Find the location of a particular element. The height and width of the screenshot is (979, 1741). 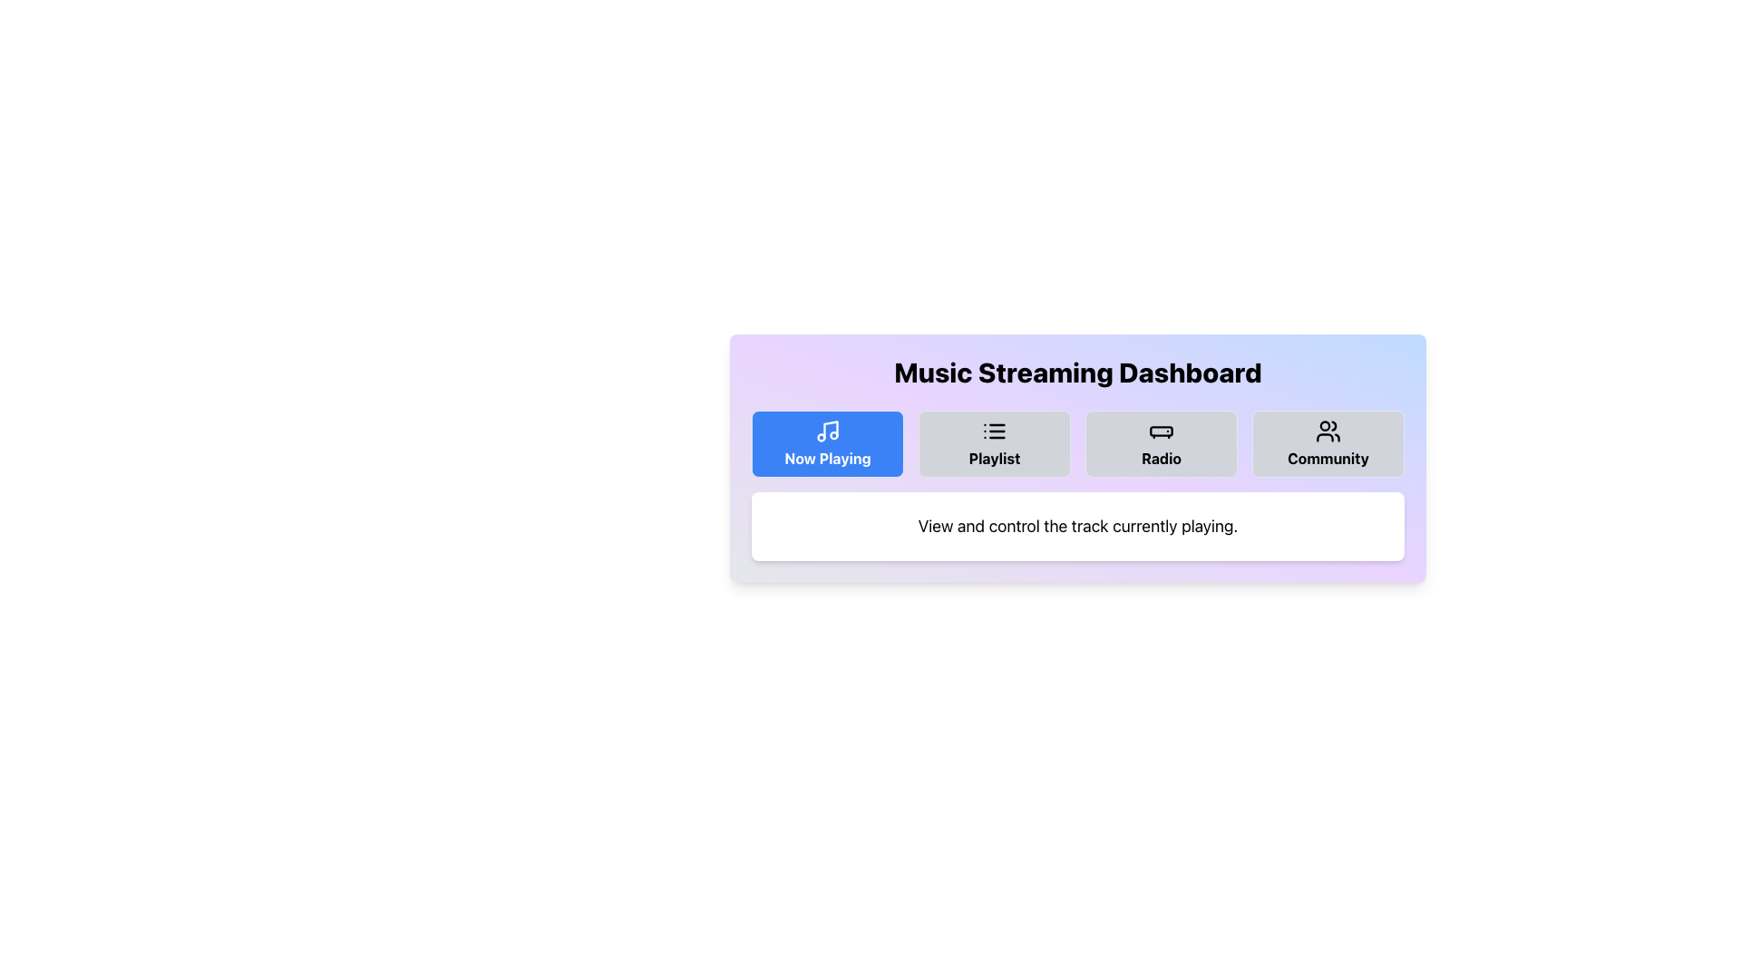

the Graphic Icon representing the 'Radio' functionality, located in the middle of the 'Radio' button in the navigation section below the 'Music Streaming Dashboard' title is located at coordinates (1162, 431).